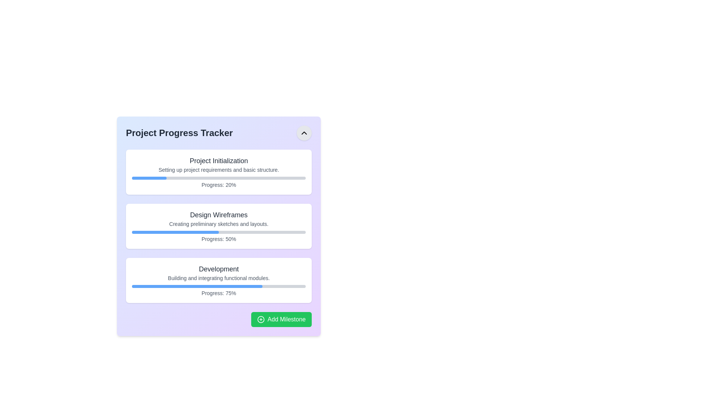  What do you see at coordinates (218, 286) in the screenshot?
I see `the progress bar that is styled as a horizontal rectangle with rounded corners, showing 75% progress beneath the text 'Building and integrating functional modules.'` at bounding box center [218, 286].